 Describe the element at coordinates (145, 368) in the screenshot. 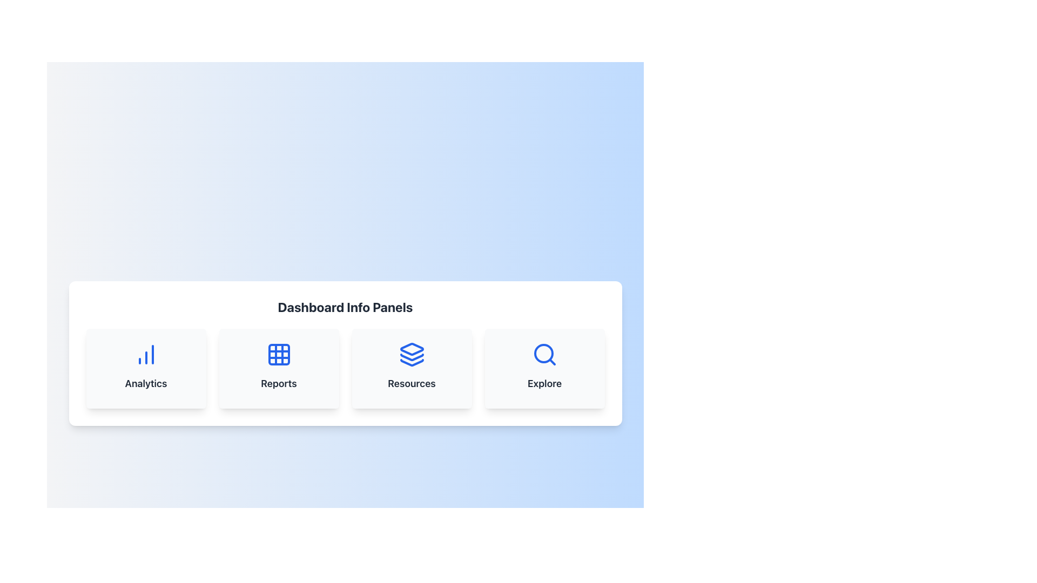

I see `the Interactive card located in the upper left corner of the grid` at that location.